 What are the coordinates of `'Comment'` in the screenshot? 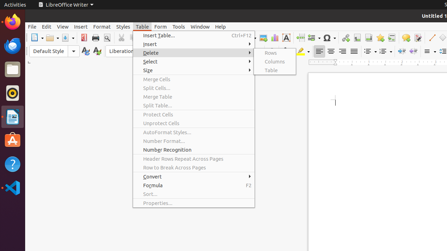 It's located at (406, 38).